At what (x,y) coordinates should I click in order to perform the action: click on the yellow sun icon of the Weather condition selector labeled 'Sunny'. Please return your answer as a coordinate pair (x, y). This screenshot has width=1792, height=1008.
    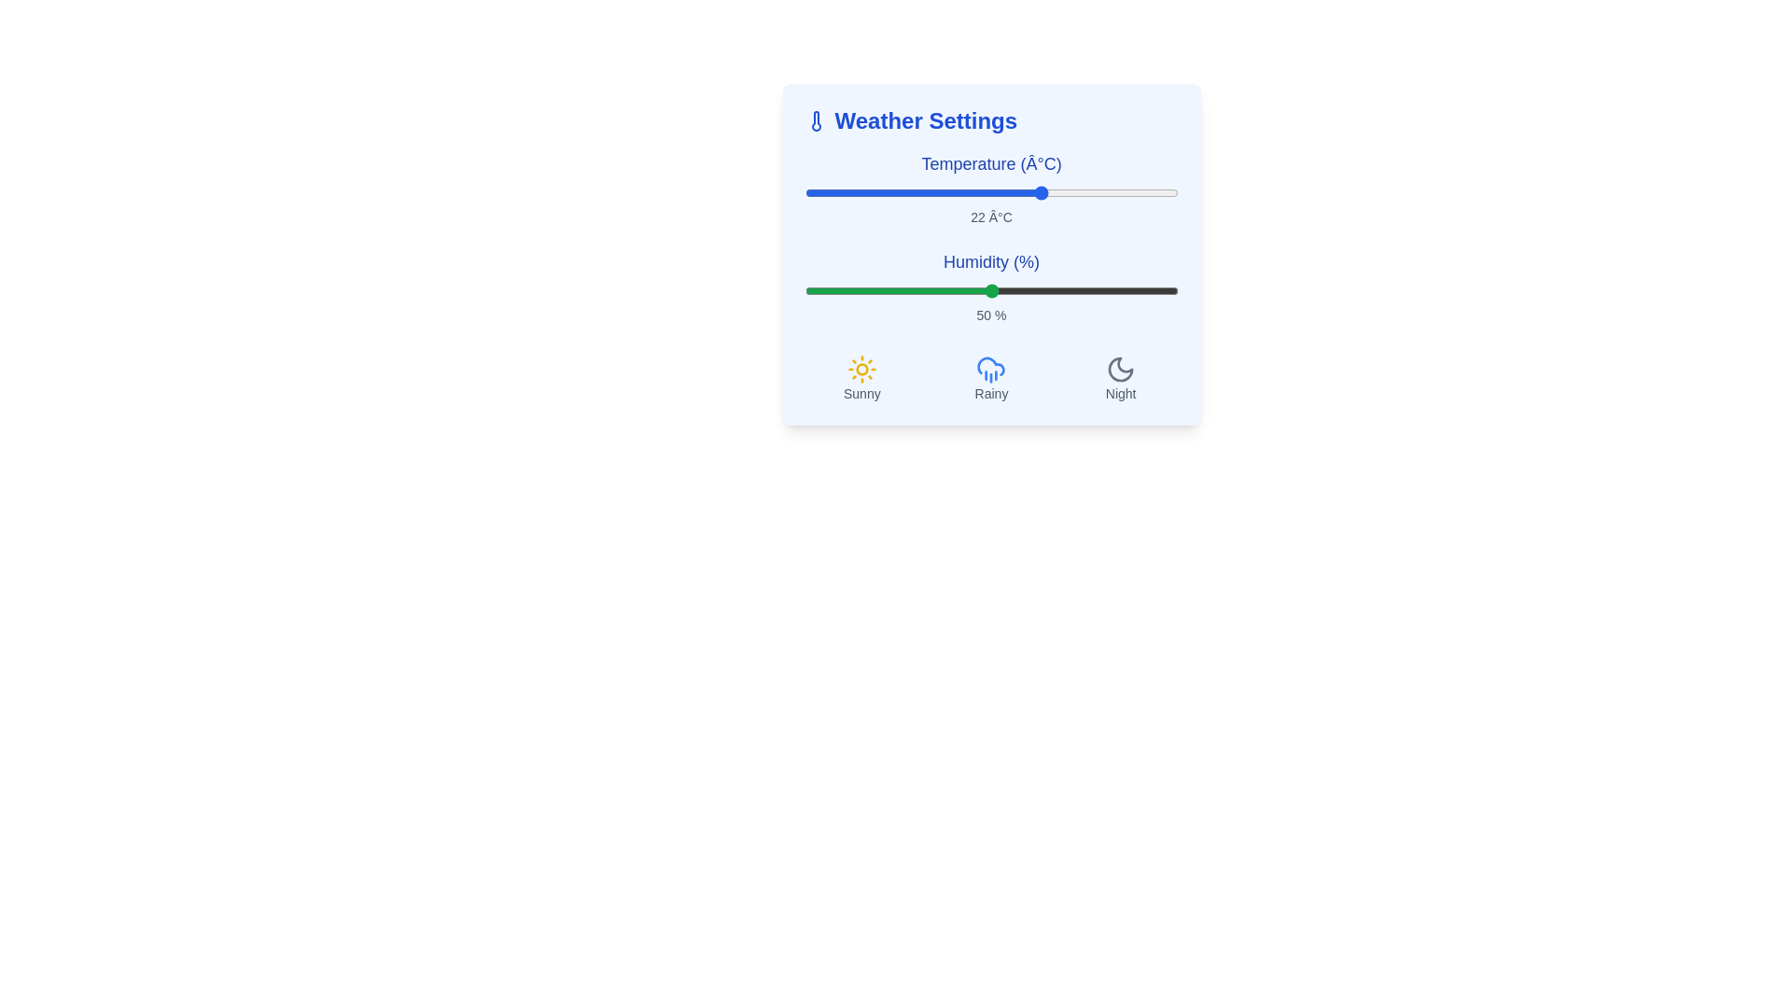
    Looking at the image, I should click on (861, 378).